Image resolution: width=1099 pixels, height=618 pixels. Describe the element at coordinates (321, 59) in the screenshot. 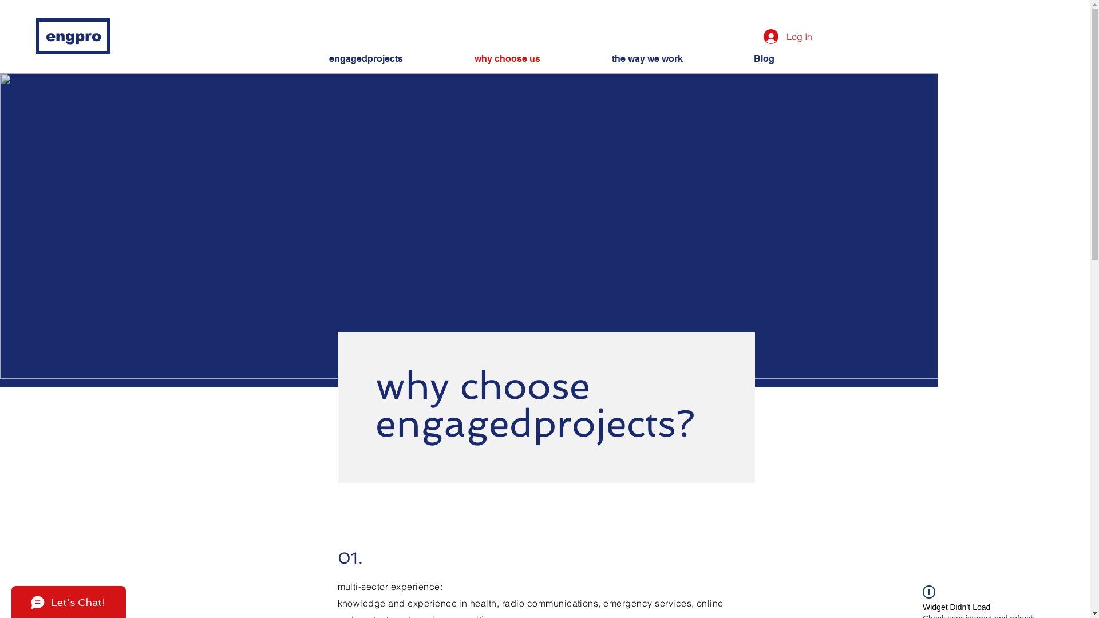

I see `'engagedprojects'` at that location.